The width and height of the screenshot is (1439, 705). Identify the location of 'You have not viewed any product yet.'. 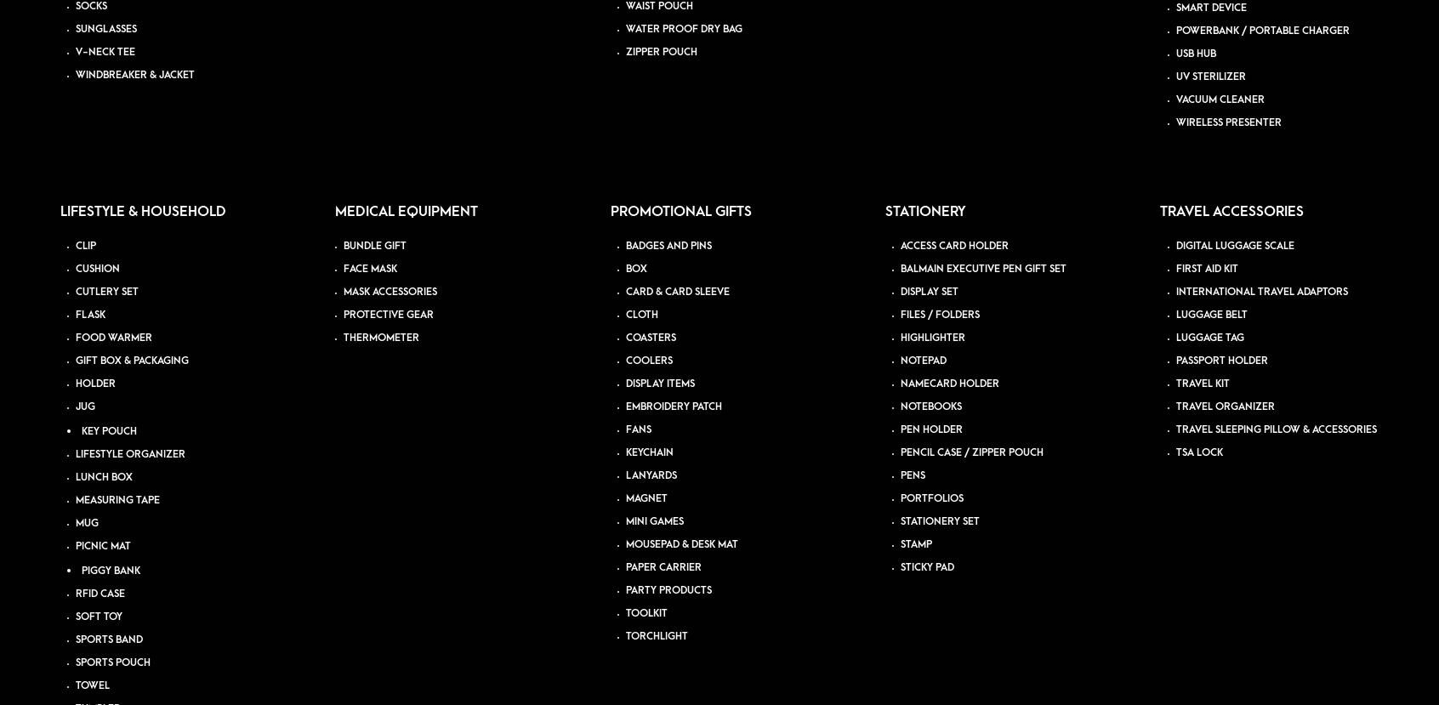
(58, 259).